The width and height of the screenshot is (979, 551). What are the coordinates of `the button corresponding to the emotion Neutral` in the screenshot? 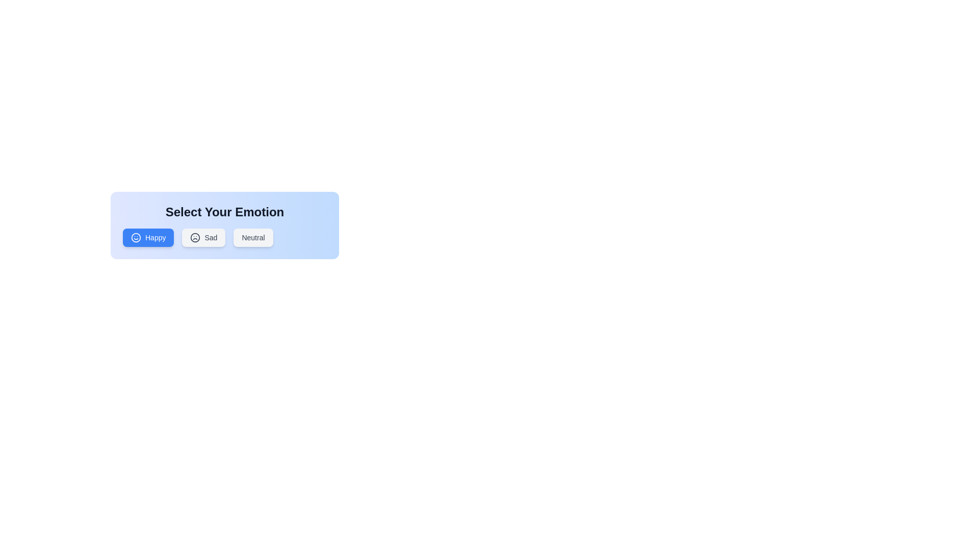 It's located at (253, 238).